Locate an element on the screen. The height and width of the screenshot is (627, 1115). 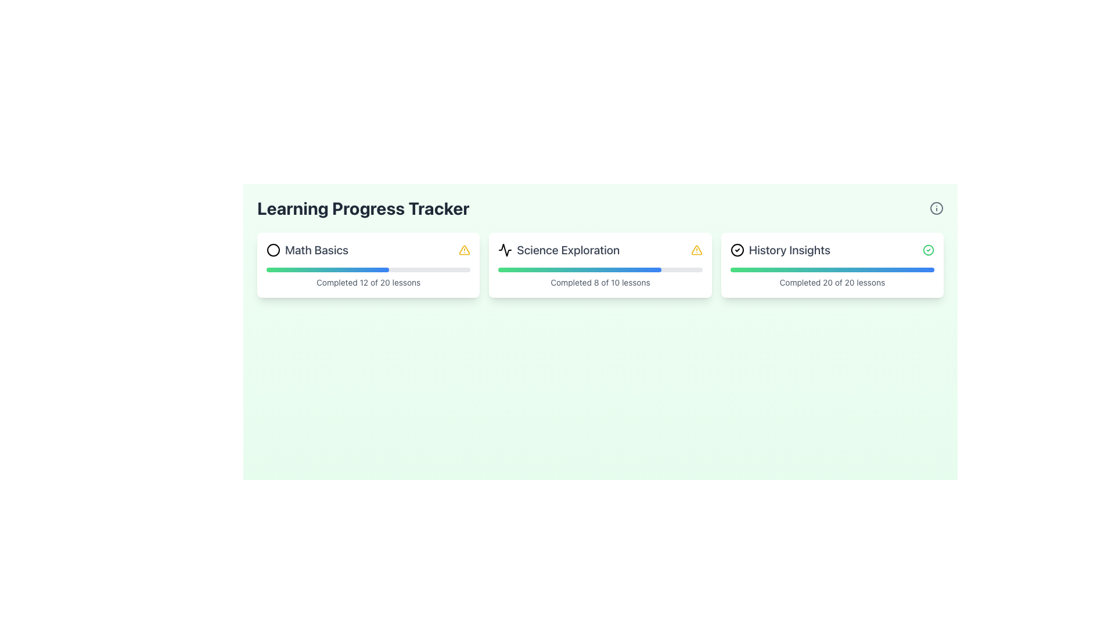
the Progress Bar located at the bottom of the 'History Insights' card, above the text 'Completed 20 of 20 lessons' is located at coordinates (832, 270).